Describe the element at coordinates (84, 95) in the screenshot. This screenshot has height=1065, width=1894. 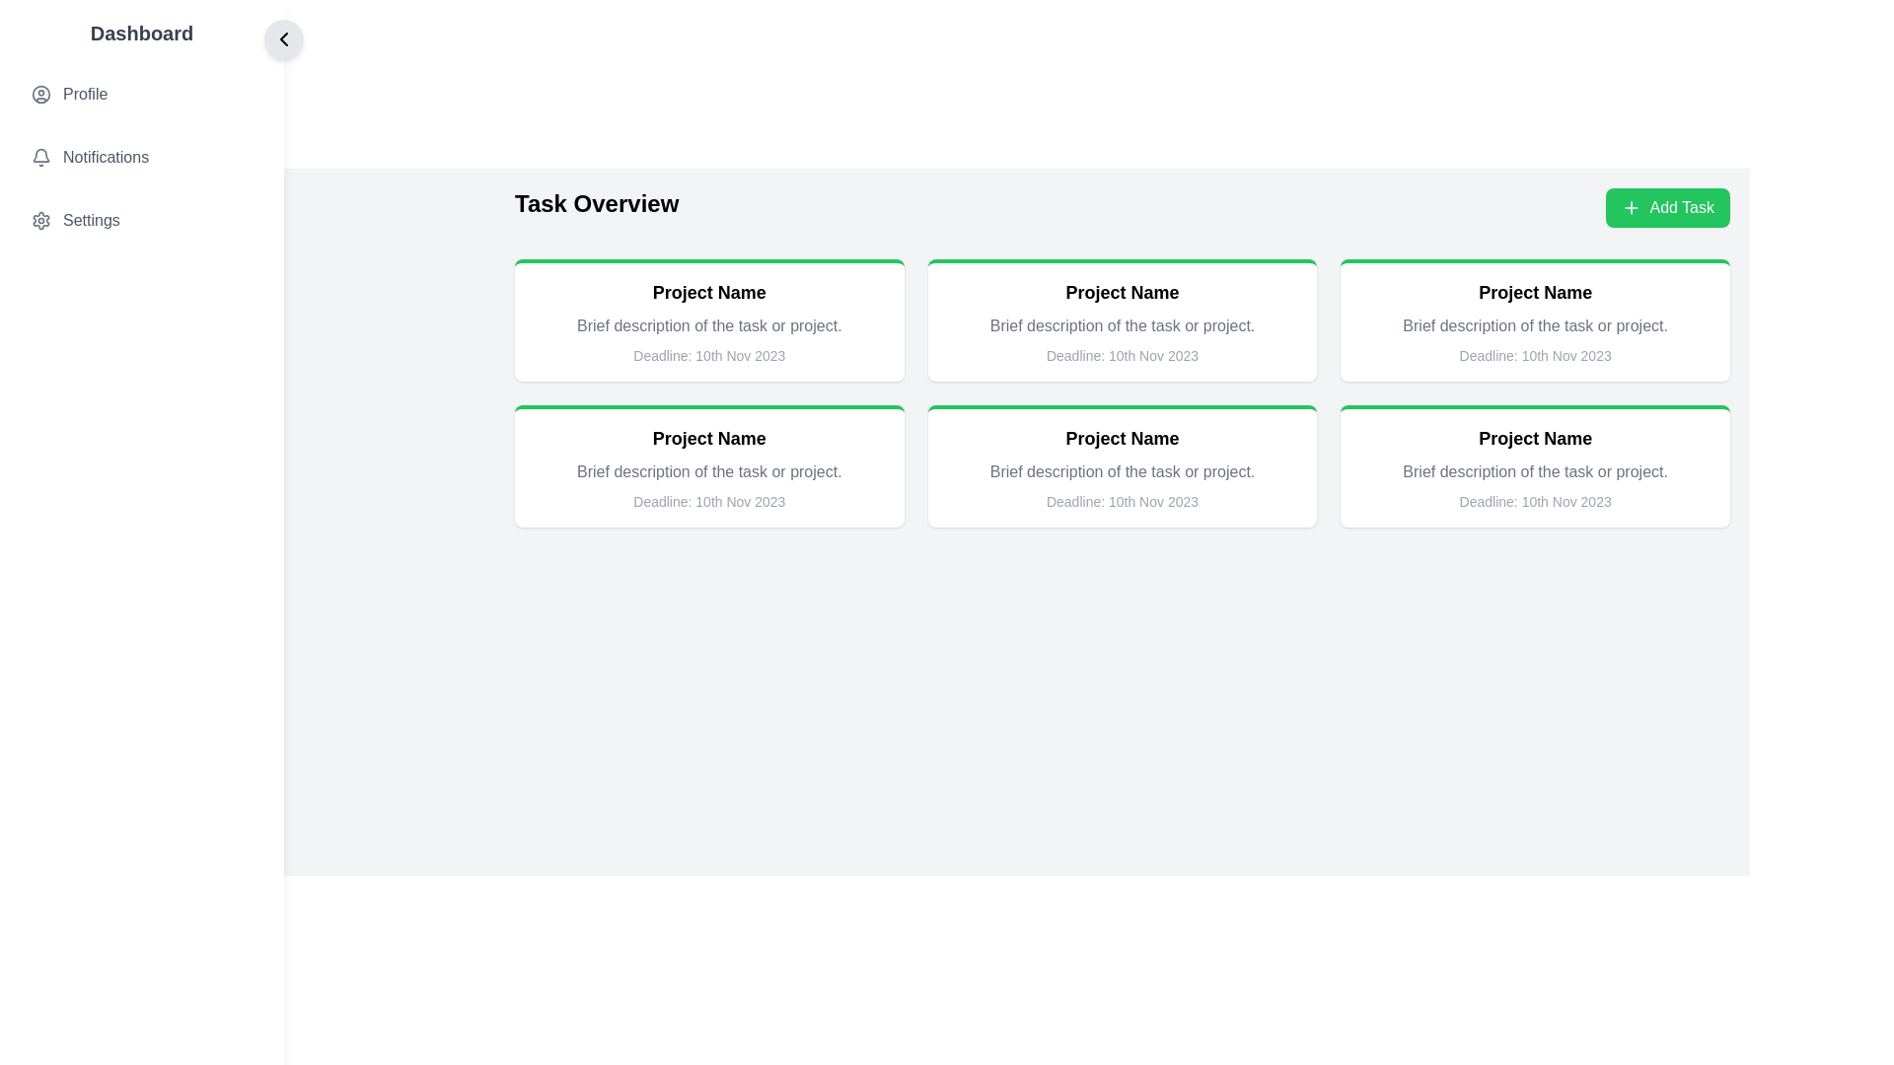
I see `the 'Profile' text label in the vertical navigation menu` at that location.